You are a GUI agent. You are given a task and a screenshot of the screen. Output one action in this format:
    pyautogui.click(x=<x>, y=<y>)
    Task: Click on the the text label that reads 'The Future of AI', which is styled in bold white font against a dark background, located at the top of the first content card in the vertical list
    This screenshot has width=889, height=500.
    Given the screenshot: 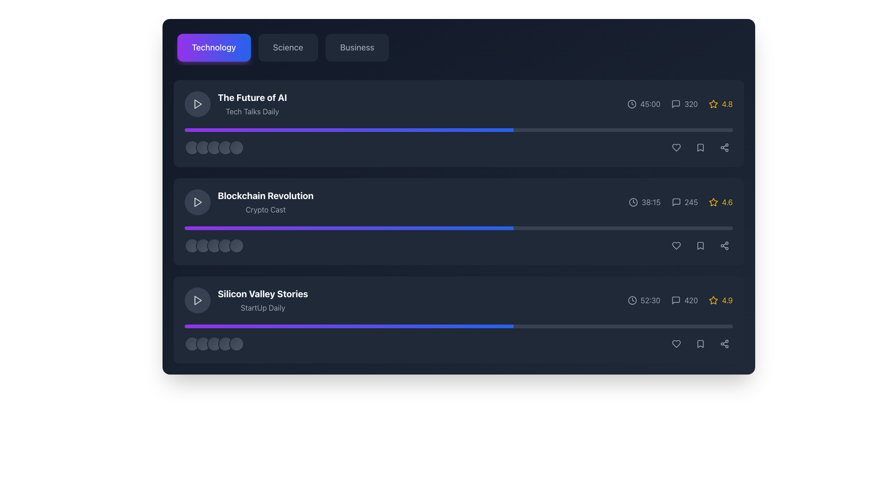 What is the action you would take?
    pyautogui.click(x=252, y=98)
    